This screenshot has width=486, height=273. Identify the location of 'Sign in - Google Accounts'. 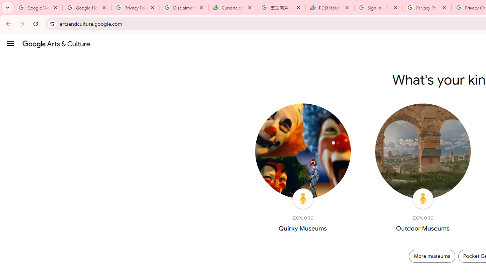
(379, 8).